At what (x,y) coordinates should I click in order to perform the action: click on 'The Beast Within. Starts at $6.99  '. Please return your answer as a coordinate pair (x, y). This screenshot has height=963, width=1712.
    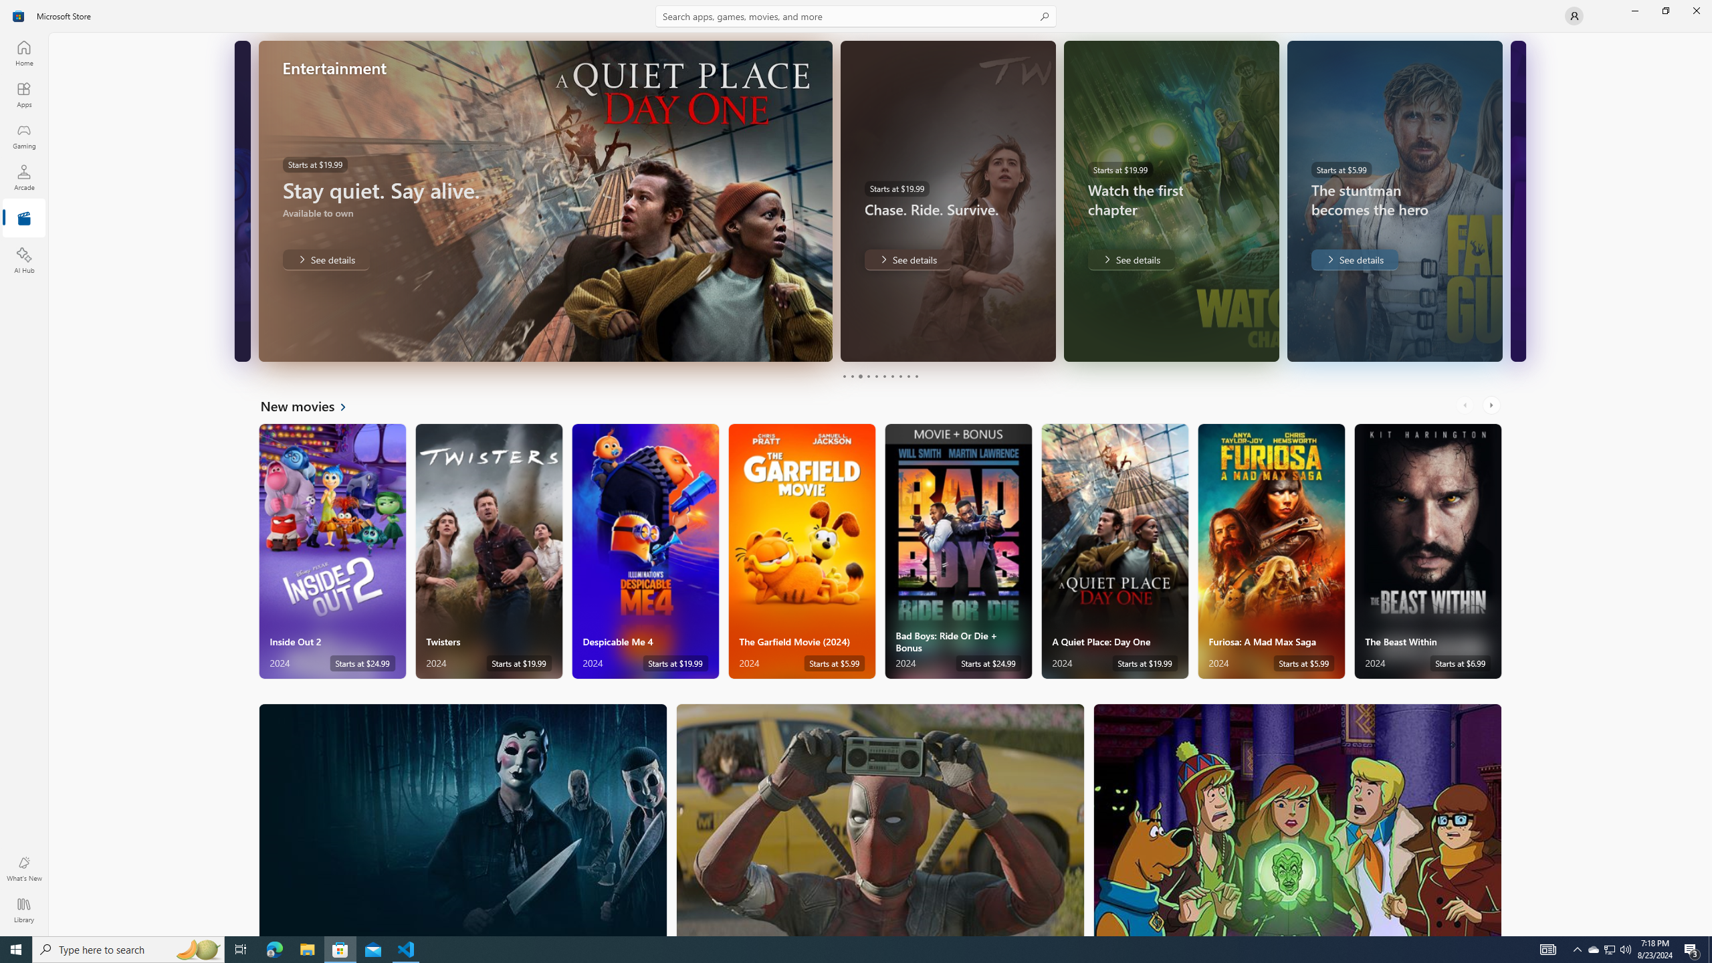
    Looking at the image, I should click on (1428, 551).